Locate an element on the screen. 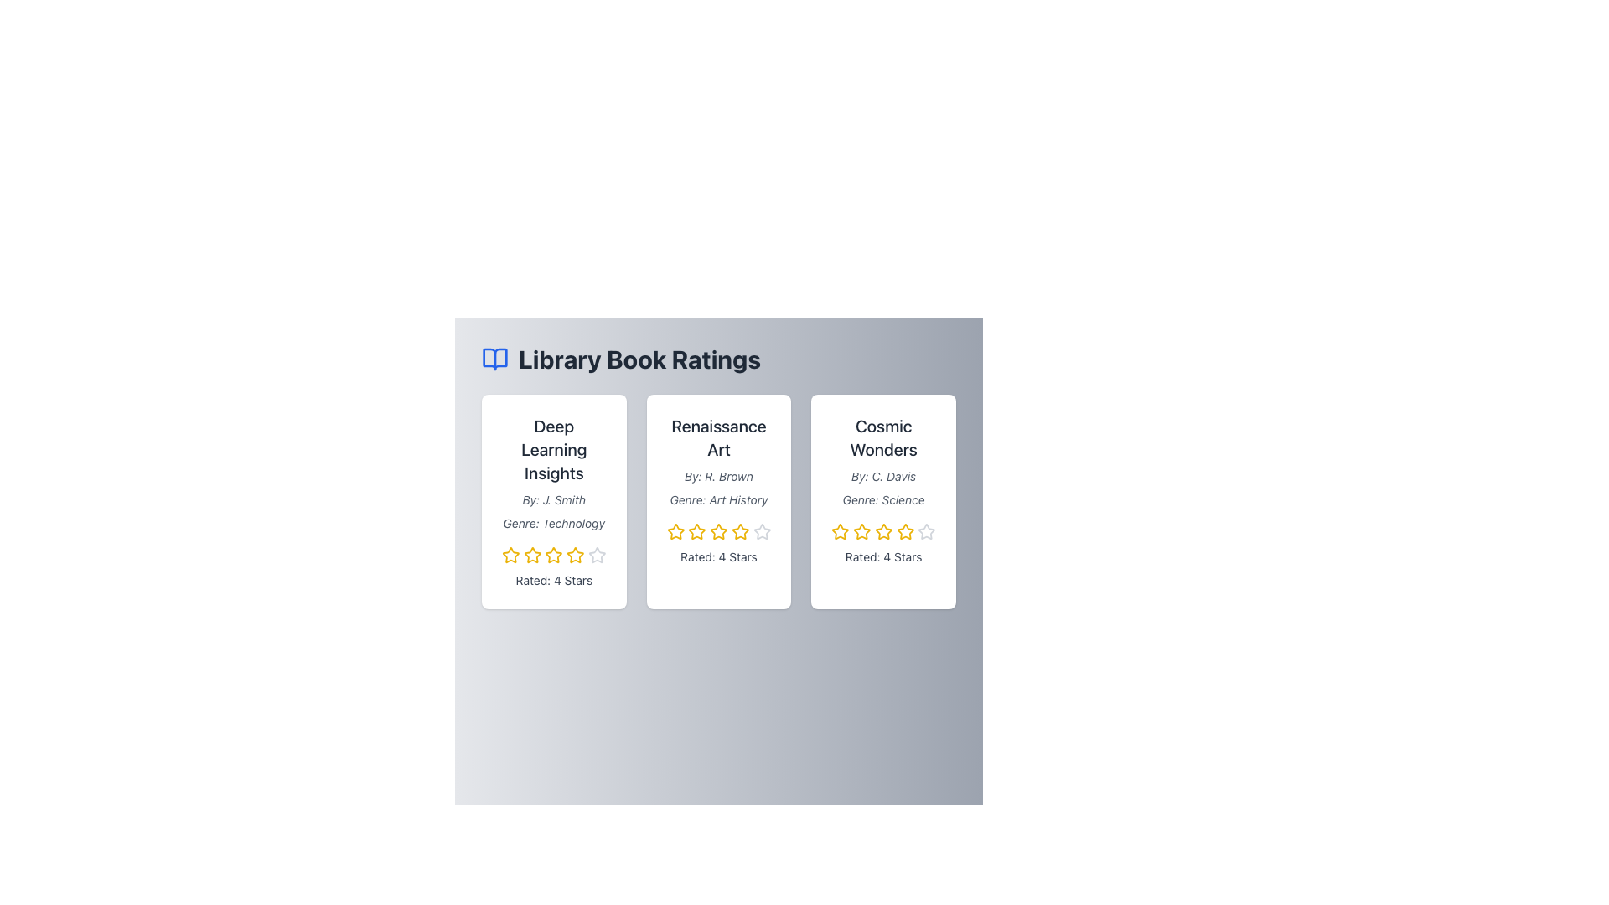 This screenshot has height=905, width=1609. the second star icon representing the user rating for the 'Cosmic Wonders' item is located at coordinates (861, 531).